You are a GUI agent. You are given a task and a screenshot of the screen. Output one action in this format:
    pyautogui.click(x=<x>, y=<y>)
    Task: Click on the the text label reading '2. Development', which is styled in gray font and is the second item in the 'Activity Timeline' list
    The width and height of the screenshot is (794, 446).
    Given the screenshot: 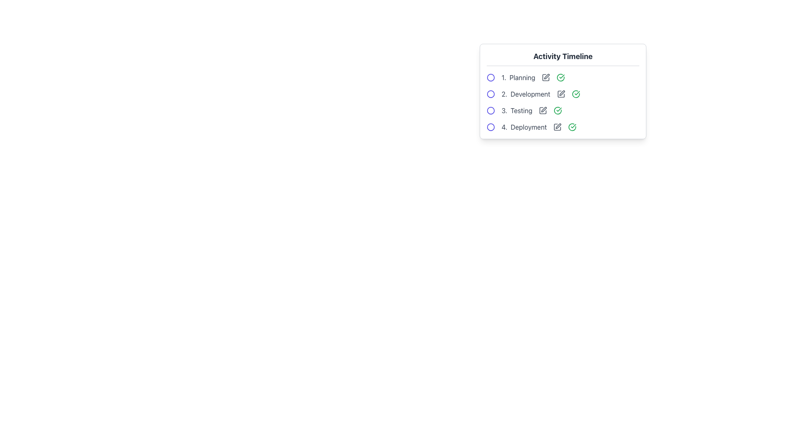 What is the action you would take?
    pyautogui.click(x=525, y=93)
    